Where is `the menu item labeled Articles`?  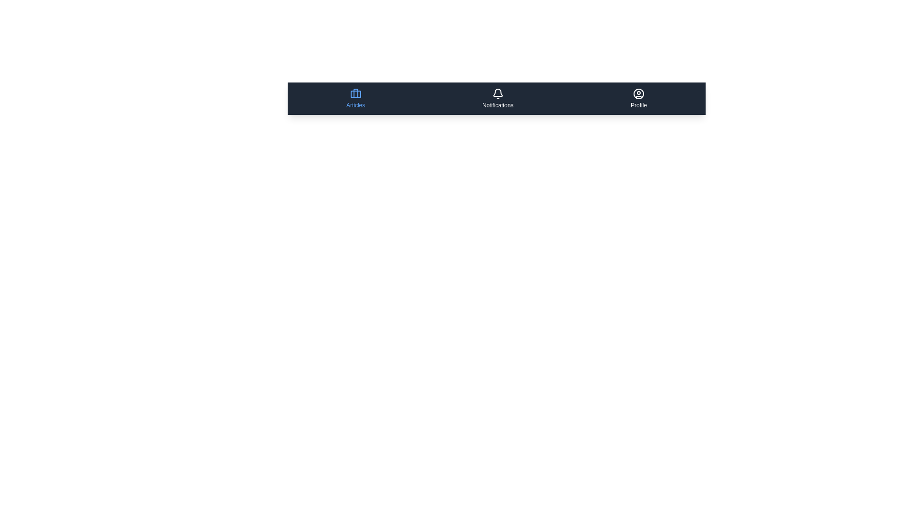 the menu item labeled Articles is located at coordinates (354, 99).